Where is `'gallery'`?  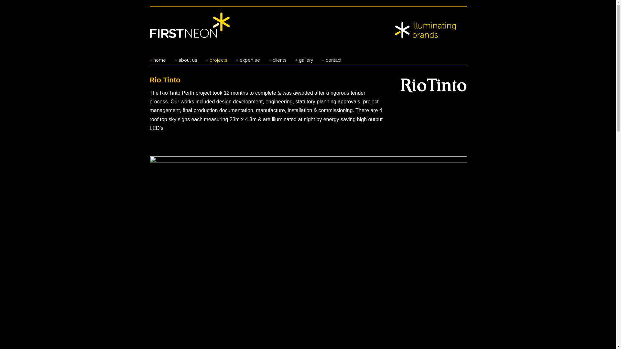 'gallery' is located at coordinates (304, 58).